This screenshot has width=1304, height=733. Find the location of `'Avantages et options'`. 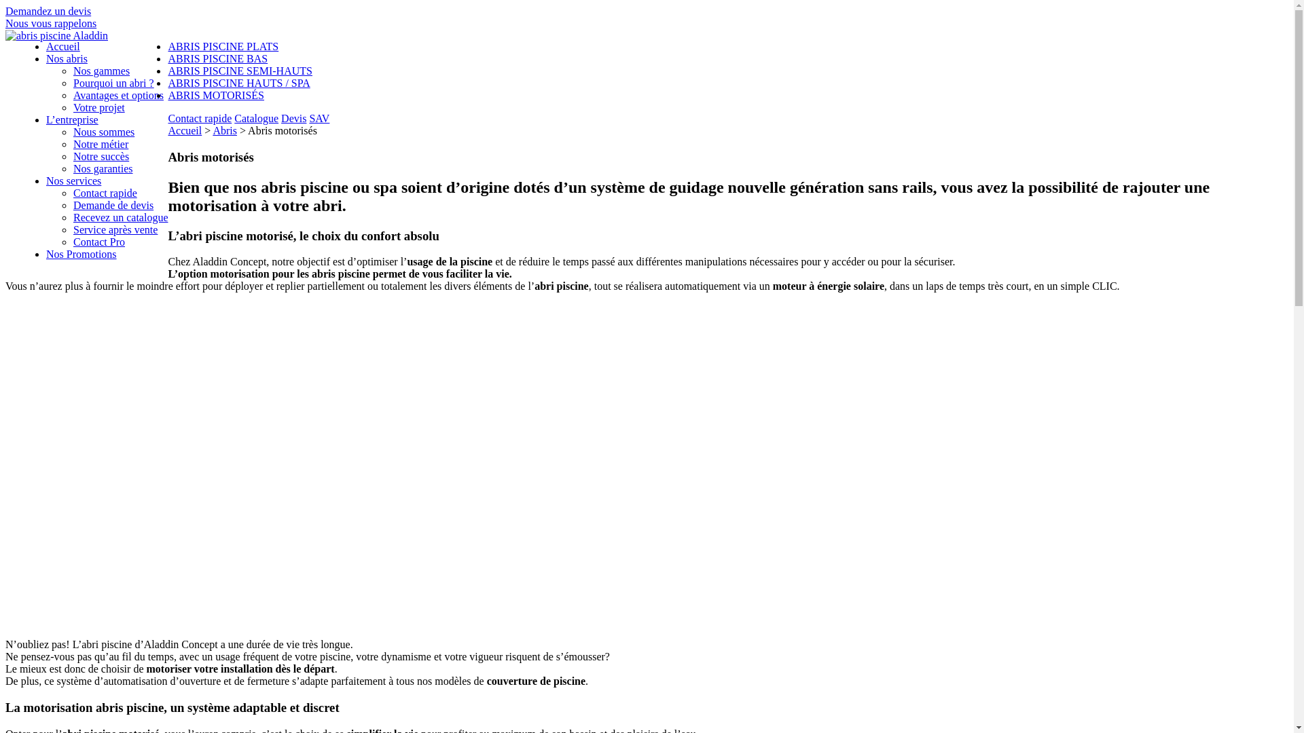

'Avantages et options' is located at coordinates (118, 94).